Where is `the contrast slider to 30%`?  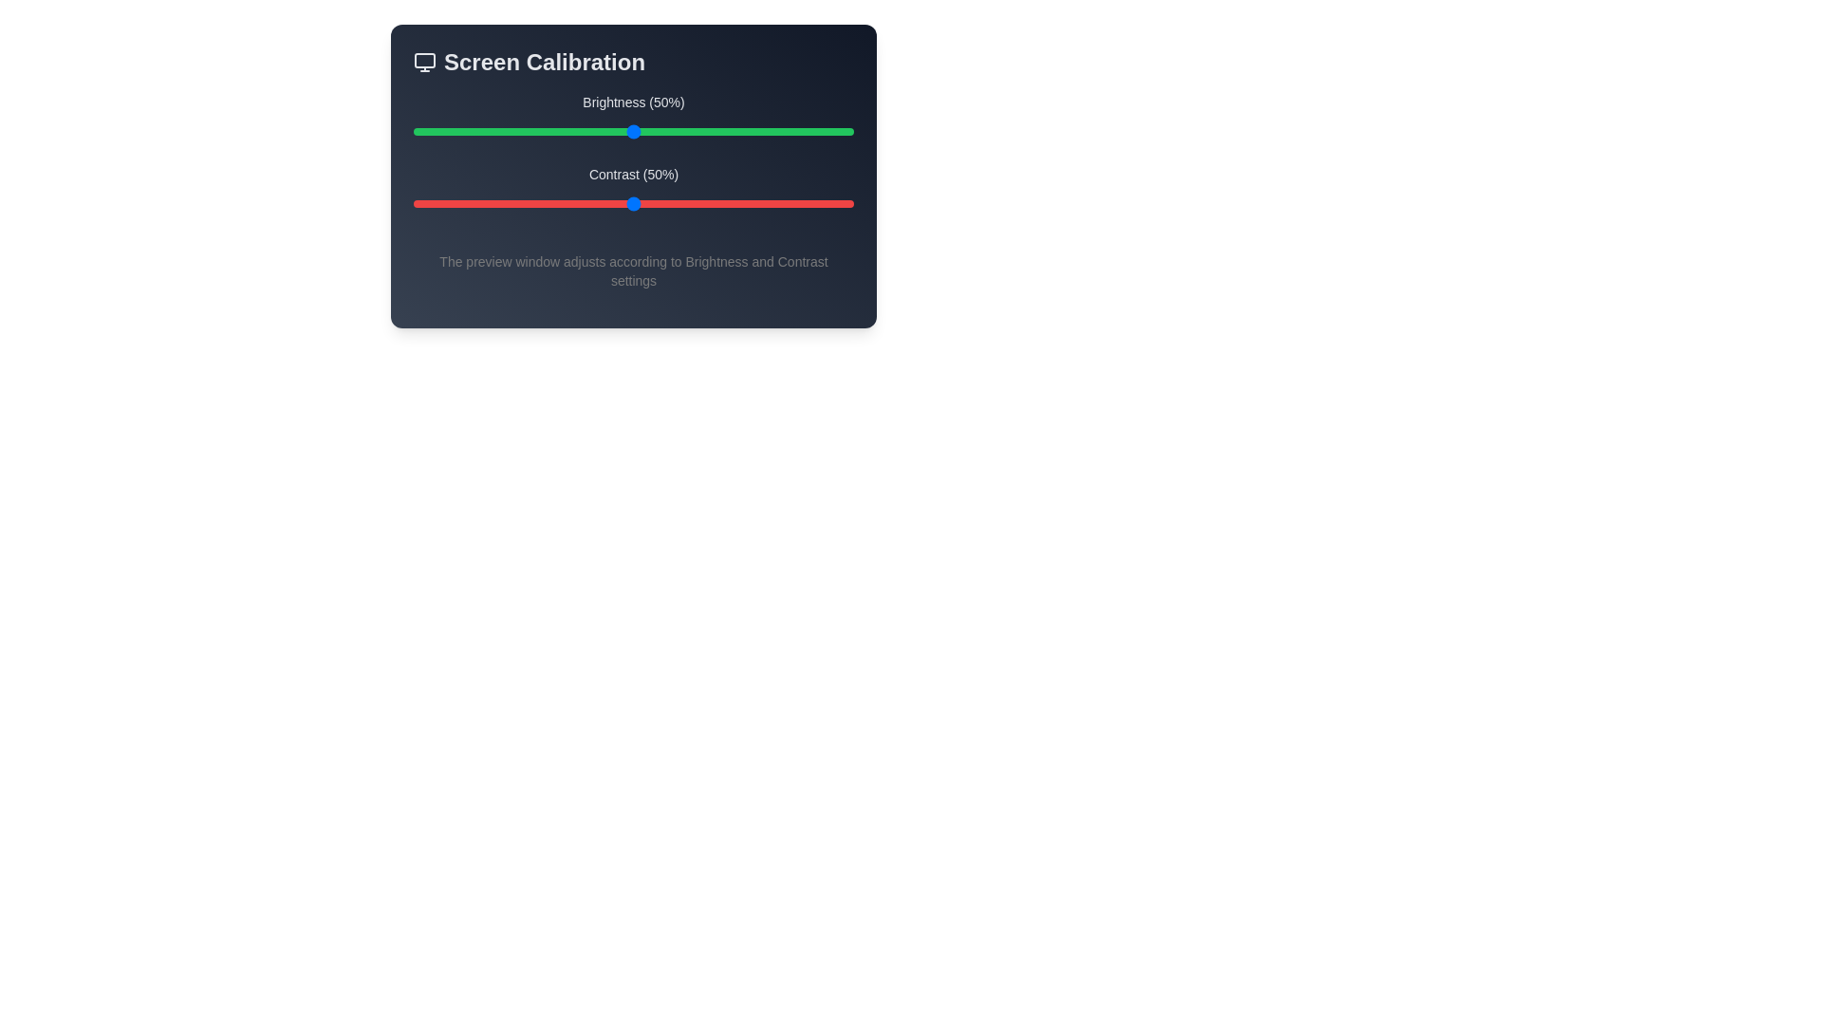 the contrast slider to 30% is located at coordinates (545, 204).